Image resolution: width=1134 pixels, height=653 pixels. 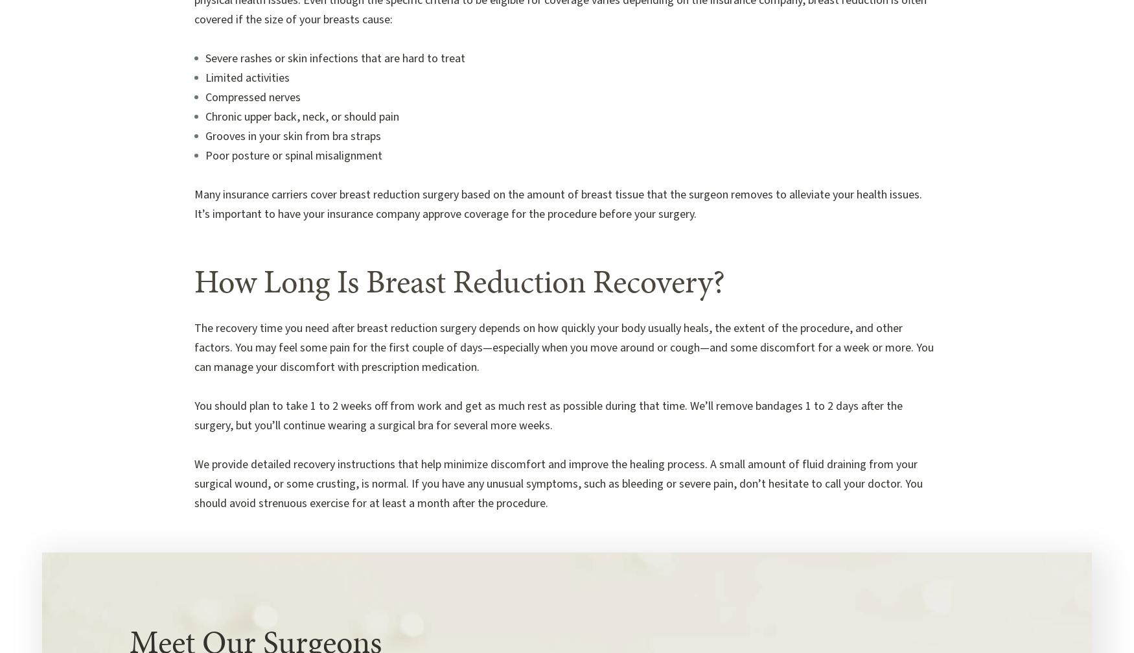 What do you see at coordinates (193, 347) in the screenshot?
I see `'The recovery time you need after breast reduction surgery depends on how quickly your body usually heals, the extent of the procedure, and other factors. You may feel some pain for the first couple of days—especially when you move around or cough—and some discomfort for a week or more. You can manage your discomfort with prescription medication.'` at bounding box center [193, 347].